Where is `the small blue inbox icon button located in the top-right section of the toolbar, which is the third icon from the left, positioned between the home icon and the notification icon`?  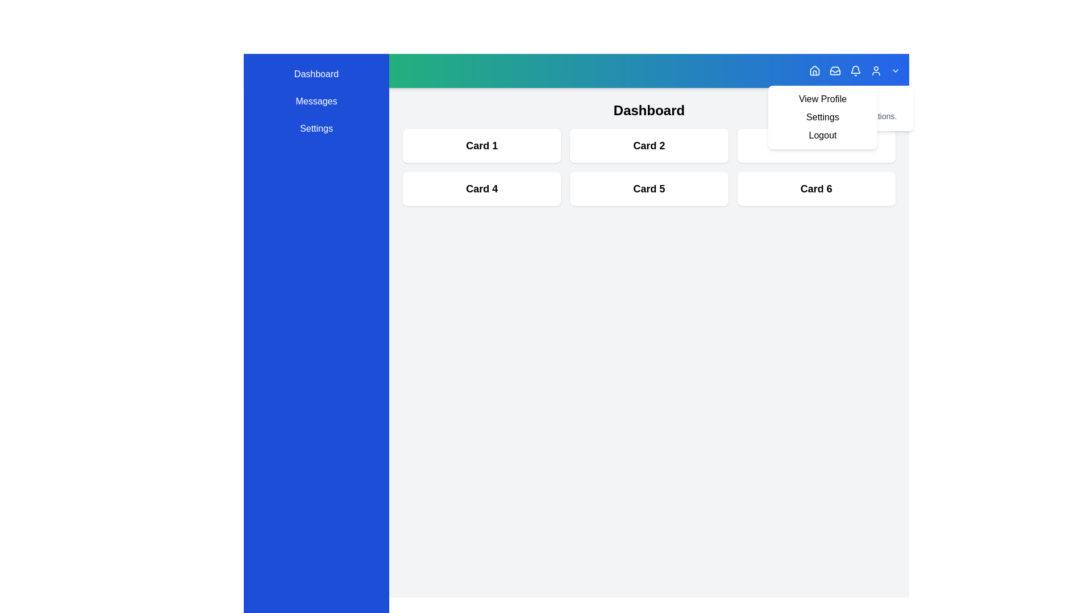 the small blue inbox icon button located in the top-right section of the toolbar, which is the third icon from the left, positioned between the home icon and the notification icon is located at coordinates (835, 70).